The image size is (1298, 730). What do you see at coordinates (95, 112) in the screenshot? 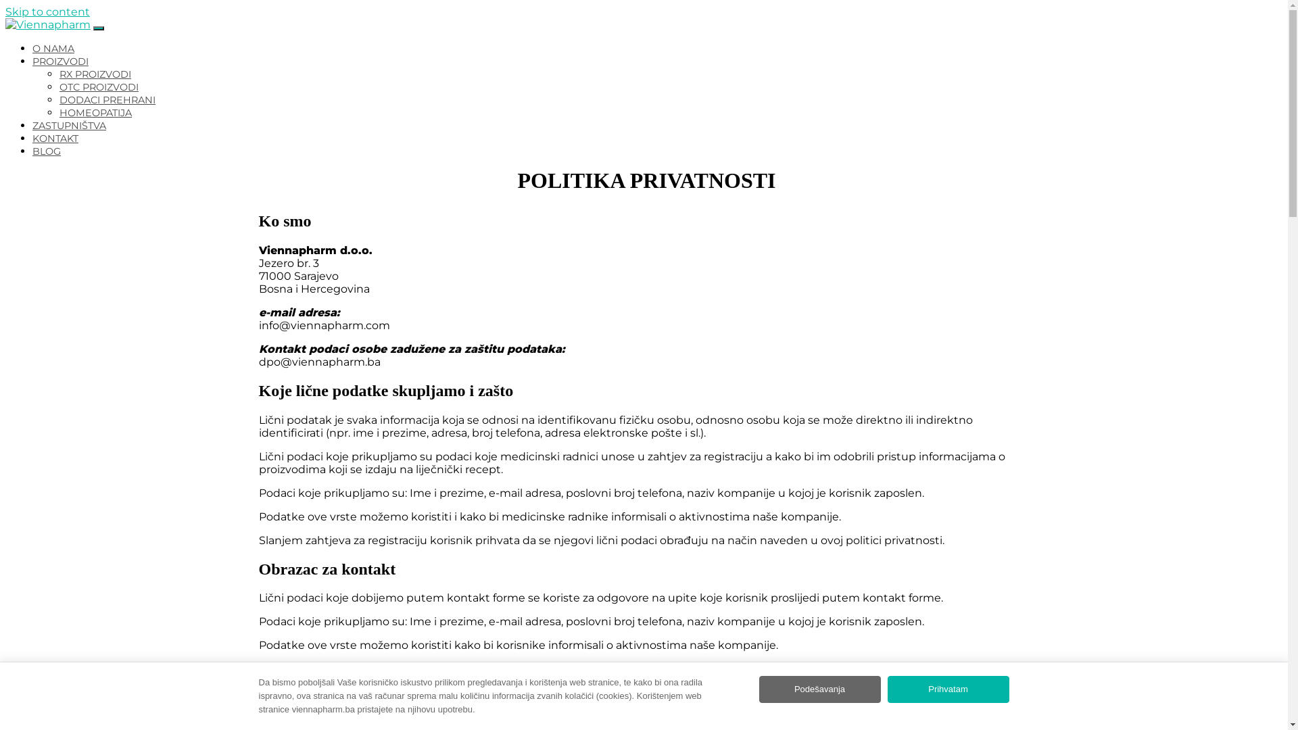
I see `'HOMEOPATIJA'` at bounding box center [95, 112].